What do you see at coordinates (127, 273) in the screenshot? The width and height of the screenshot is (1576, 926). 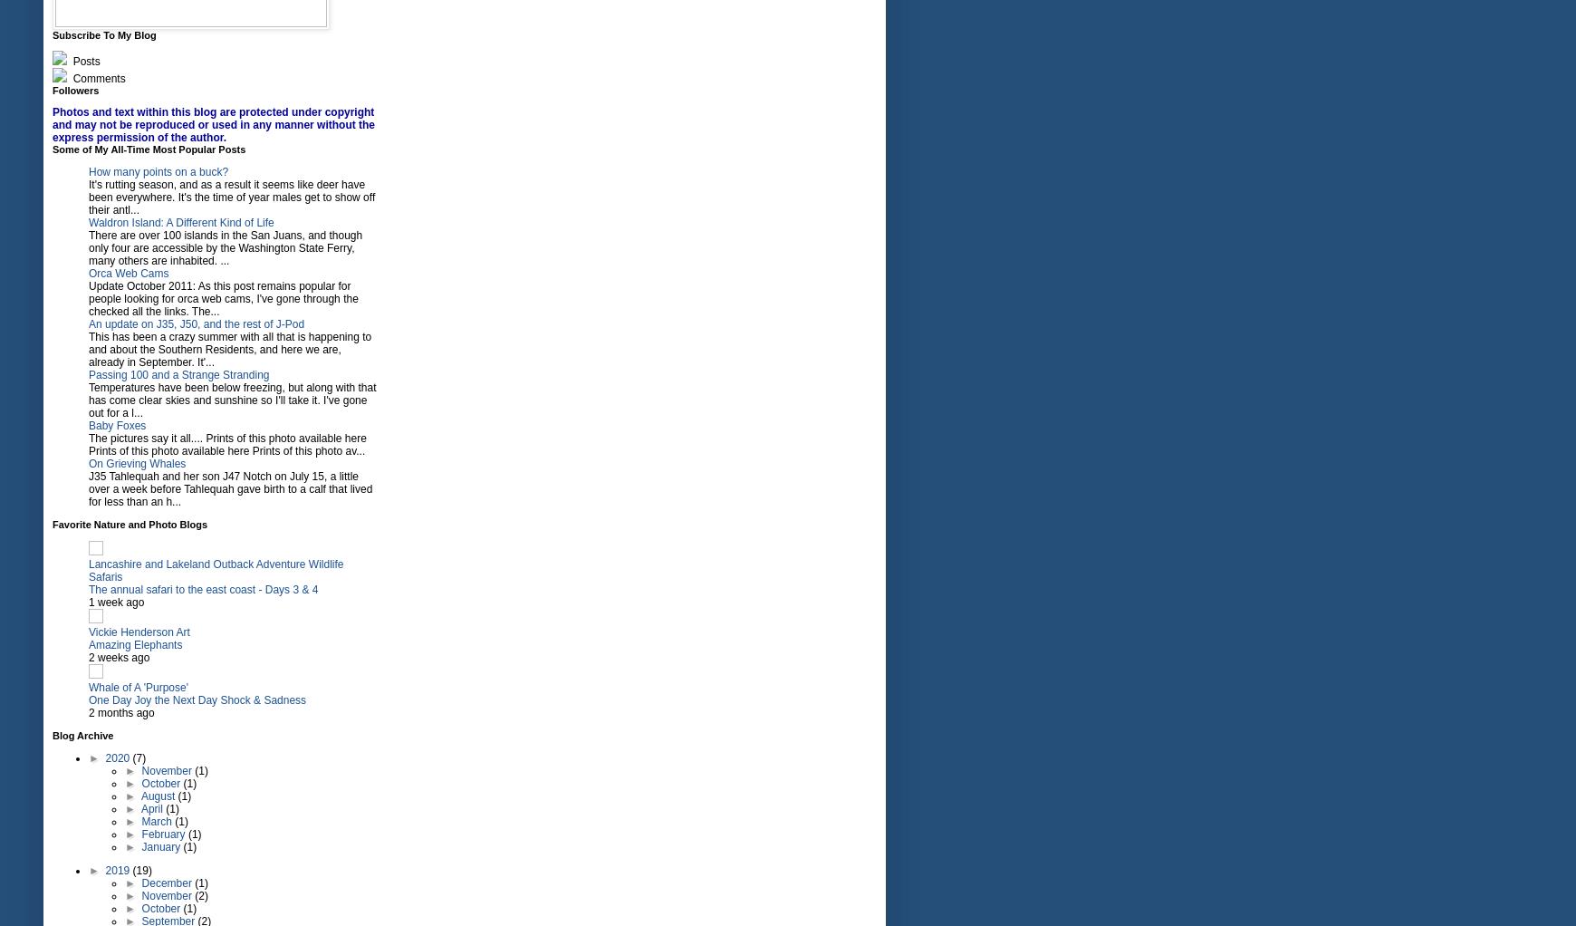 I see `'Orca Web Cams'` at bounding box center [127, 273].